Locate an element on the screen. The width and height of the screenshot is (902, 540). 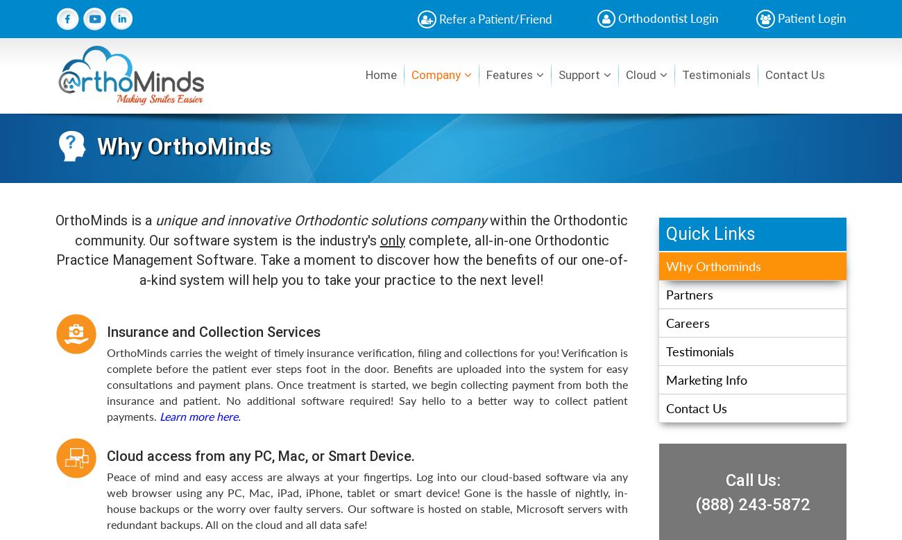
'Marketing Info' is located at coordinates (666, 379).